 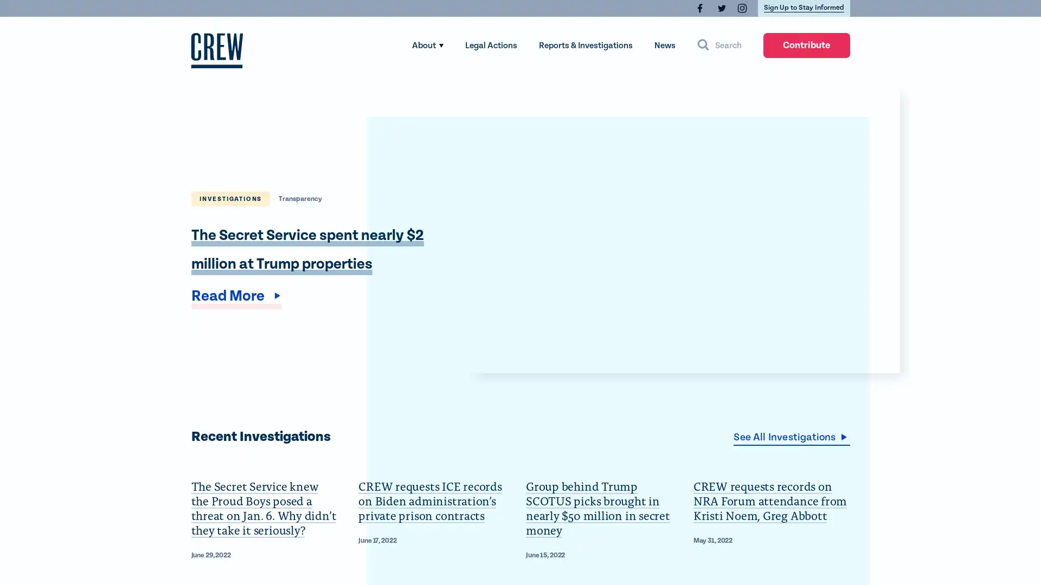 I want to click on Search, so click(x=719, y=45).